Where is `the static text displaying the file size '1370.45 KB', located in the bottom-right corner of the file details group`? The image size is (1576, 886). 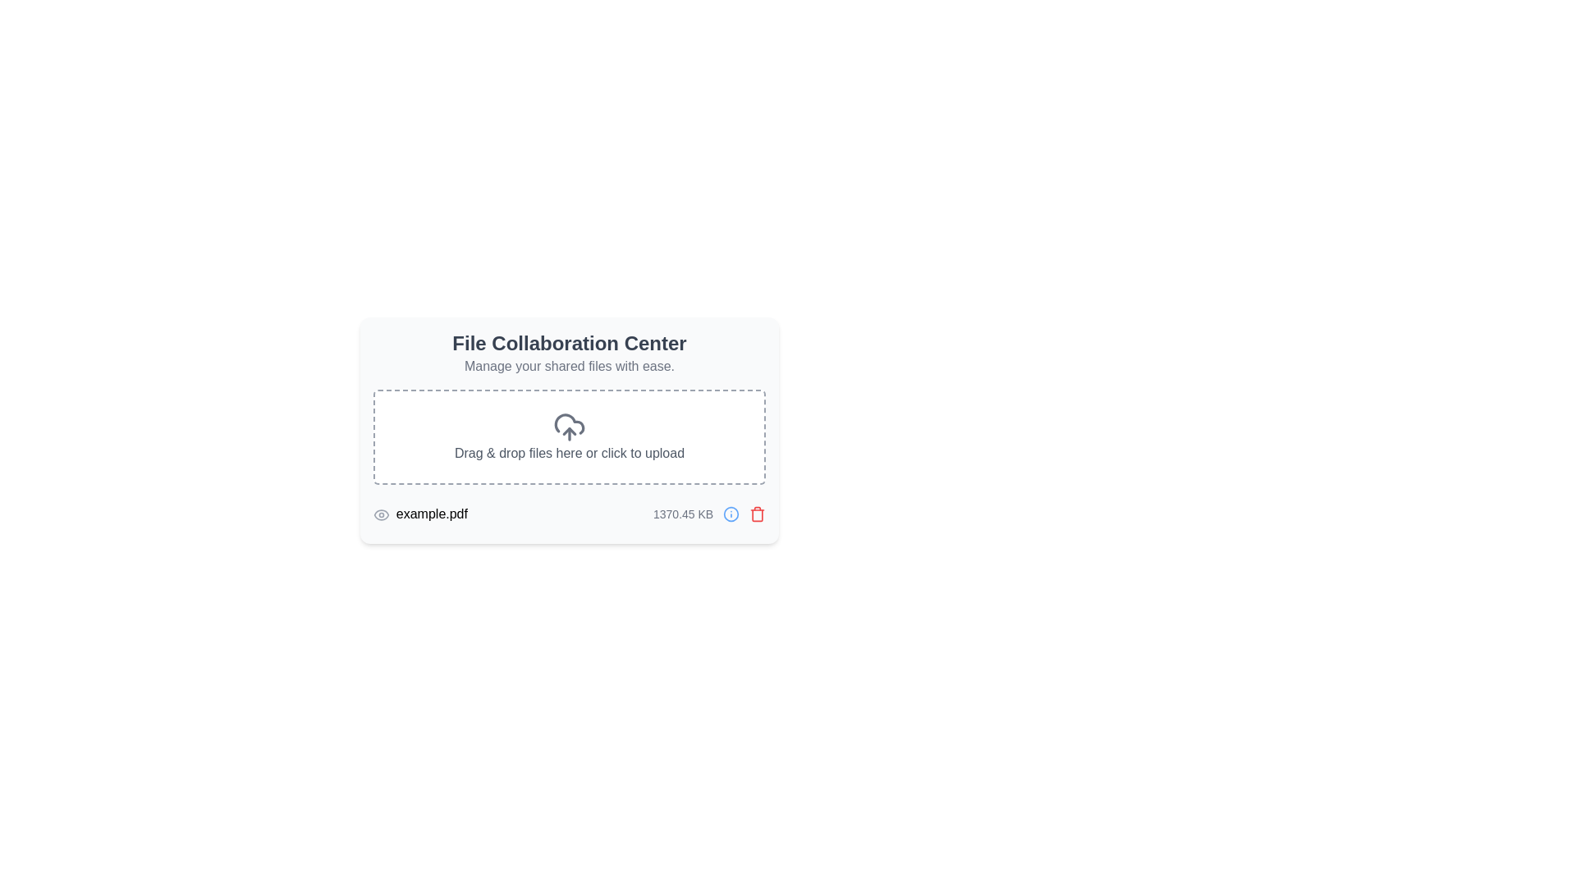 the static text displaying the file size '1370.45 KB', located in the bottom-right corner of the file details group is located at coordinates (683, 514).